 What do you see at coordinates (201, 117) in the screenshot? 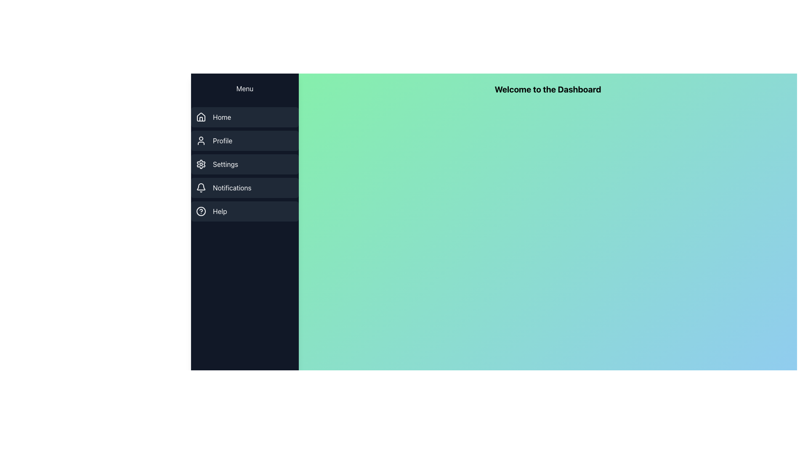
I see `the house-shaped icon with a white stroke located in the 'Home' entry of the vertical navigation menu` at bounding box center [201, 117].